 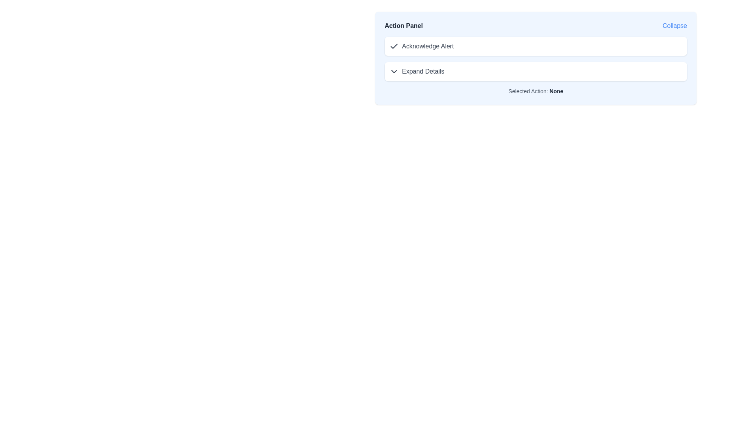 I want to click on selected checkbox icon indicating that the 'Acknowledge Alert' option has been enabled, located in the 'Action Panel', so click(x=394, y=46).